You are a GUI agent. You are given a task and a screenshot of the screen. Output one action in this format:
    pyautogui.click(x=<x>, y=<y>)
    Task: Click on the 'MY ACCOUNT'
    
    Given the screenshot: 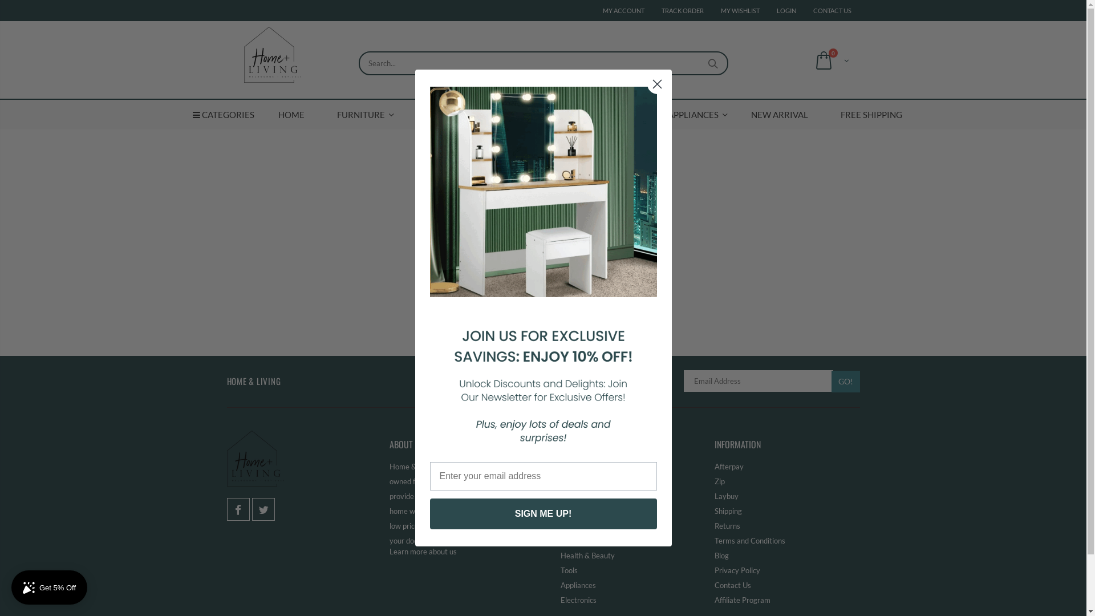 What is the action you would take?
    pyautogui.click(x=602, y=10)
    